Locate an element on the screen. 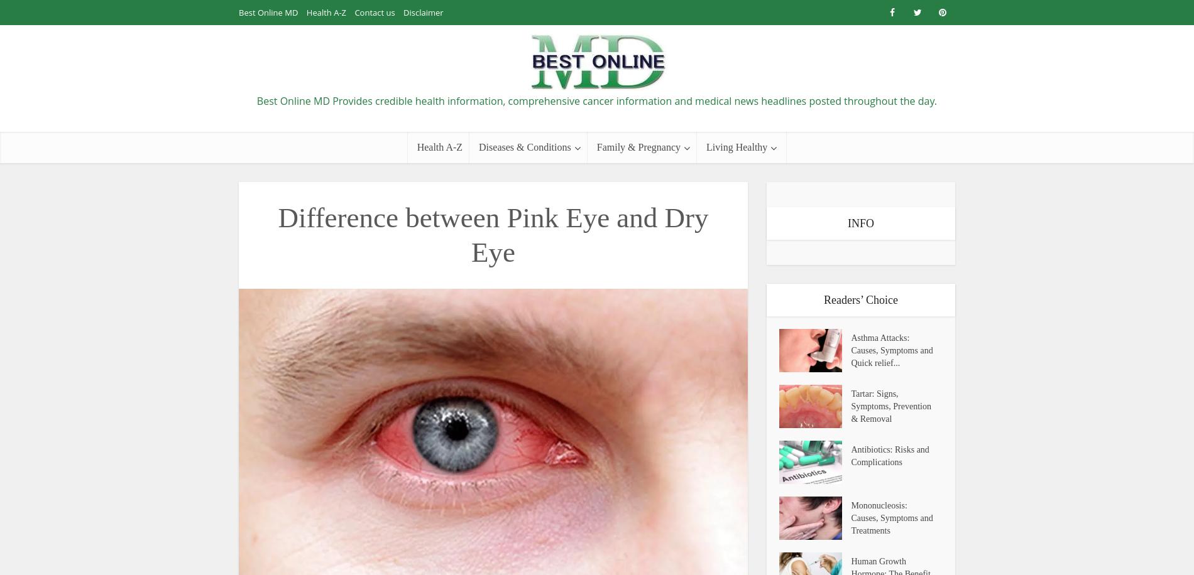 Image resolution: width=1194 pixels, height=575 pixels. 'Asthma Attacks: Causes, Symptoms and Quick relief...' is located at coordinates (890, 350).